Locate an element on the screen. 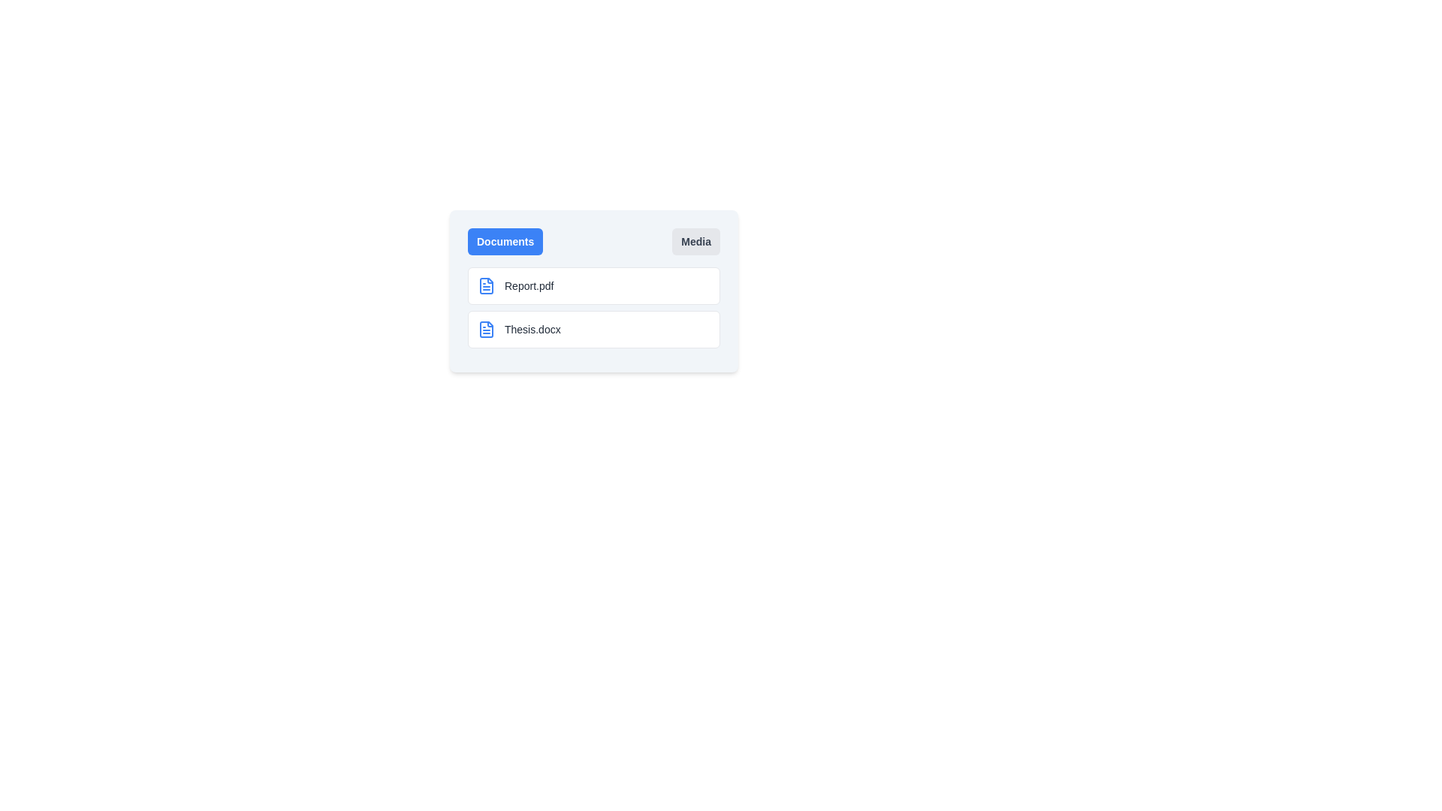 This screenshot has width=1442, height=811. the 'Documents' button, which is a prominent blue button with white text is located at coordinates (505, 240).